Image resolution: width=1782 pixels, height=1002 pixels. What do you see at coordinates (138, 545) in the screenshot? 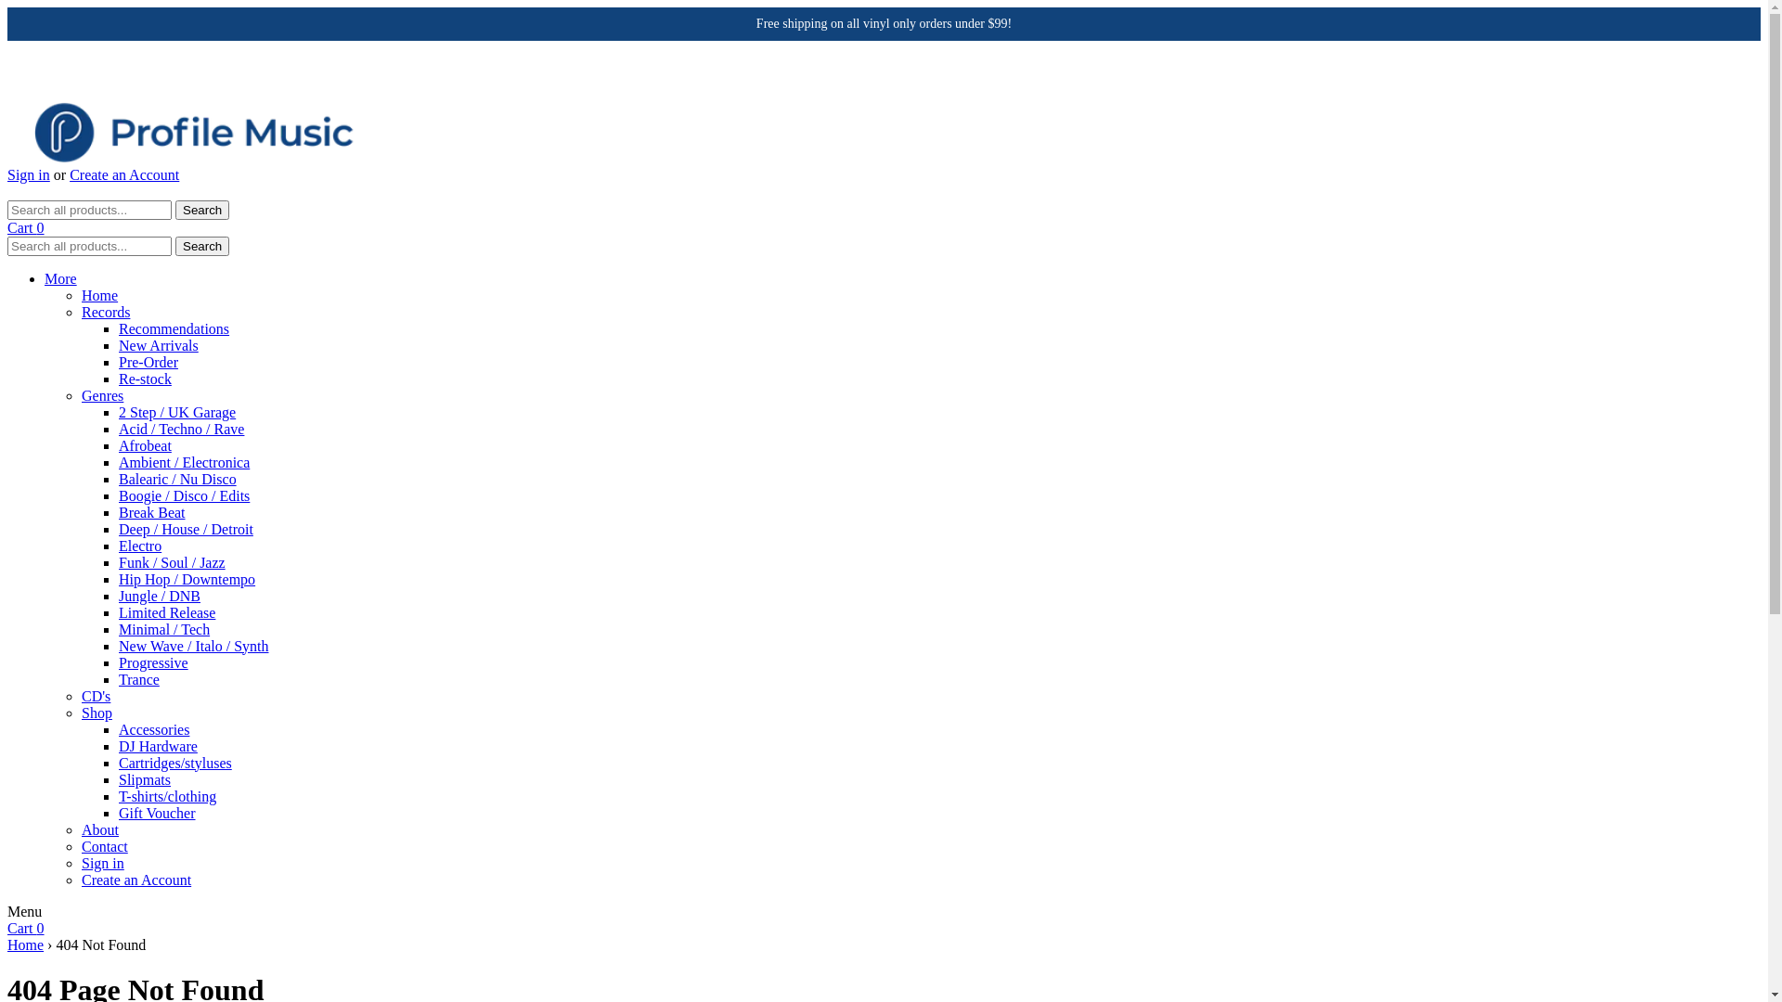
I see `'Electro'` at bounding box center [138, 545].